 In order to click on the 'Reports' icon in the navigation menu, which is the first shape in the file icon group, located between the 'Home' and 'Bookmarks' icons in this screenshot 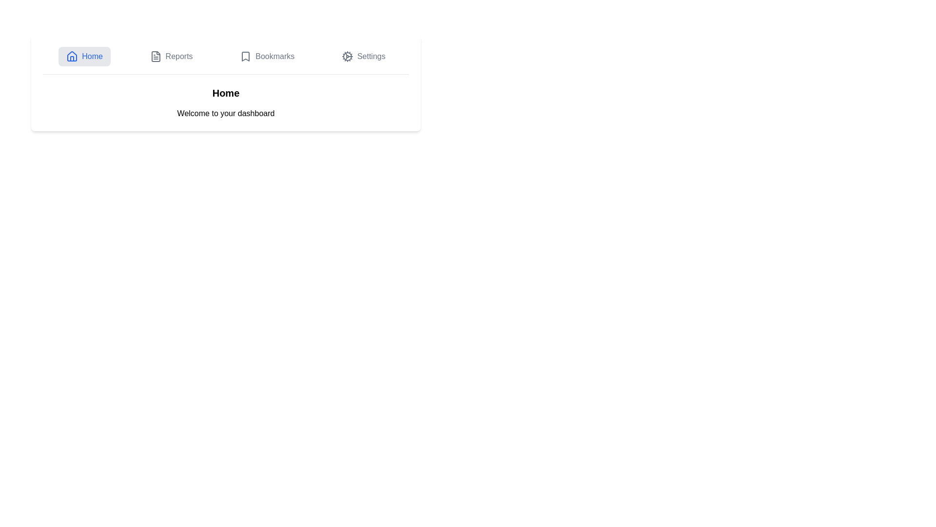, I will do `click(155, 56)`.